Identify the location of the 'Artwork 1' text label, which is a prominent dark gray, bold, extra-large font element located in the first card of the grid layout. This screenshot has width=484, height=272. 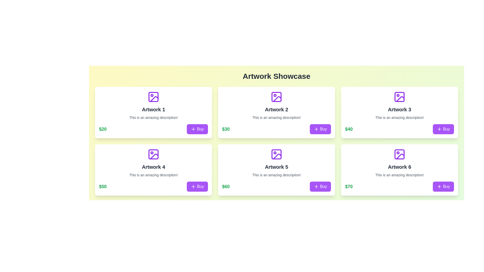
(153, 109).